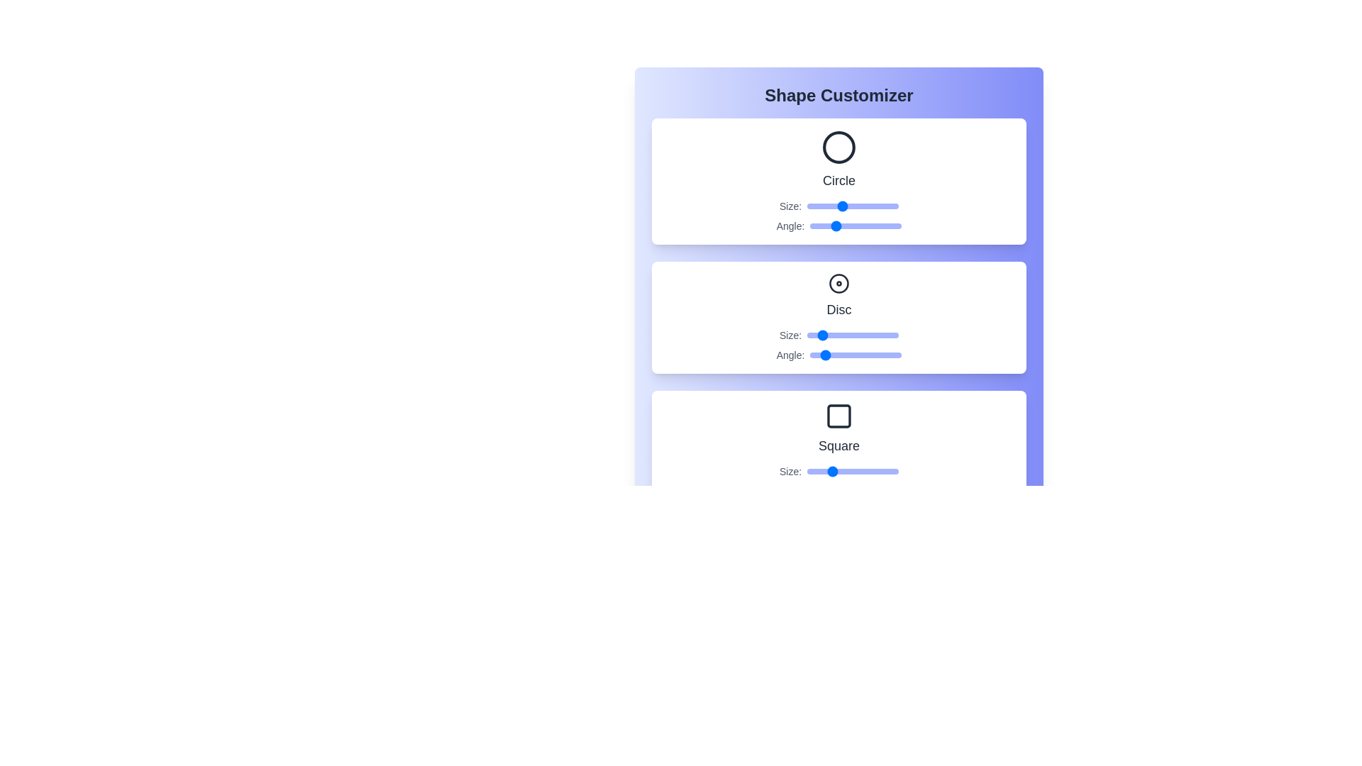 The width and height of the screenshot is (1362, 766). What do you see at coordinates (851, 471) in the screenshot?
I see `the size slider of the Square shape to 58` at bounding box center [851, 471].